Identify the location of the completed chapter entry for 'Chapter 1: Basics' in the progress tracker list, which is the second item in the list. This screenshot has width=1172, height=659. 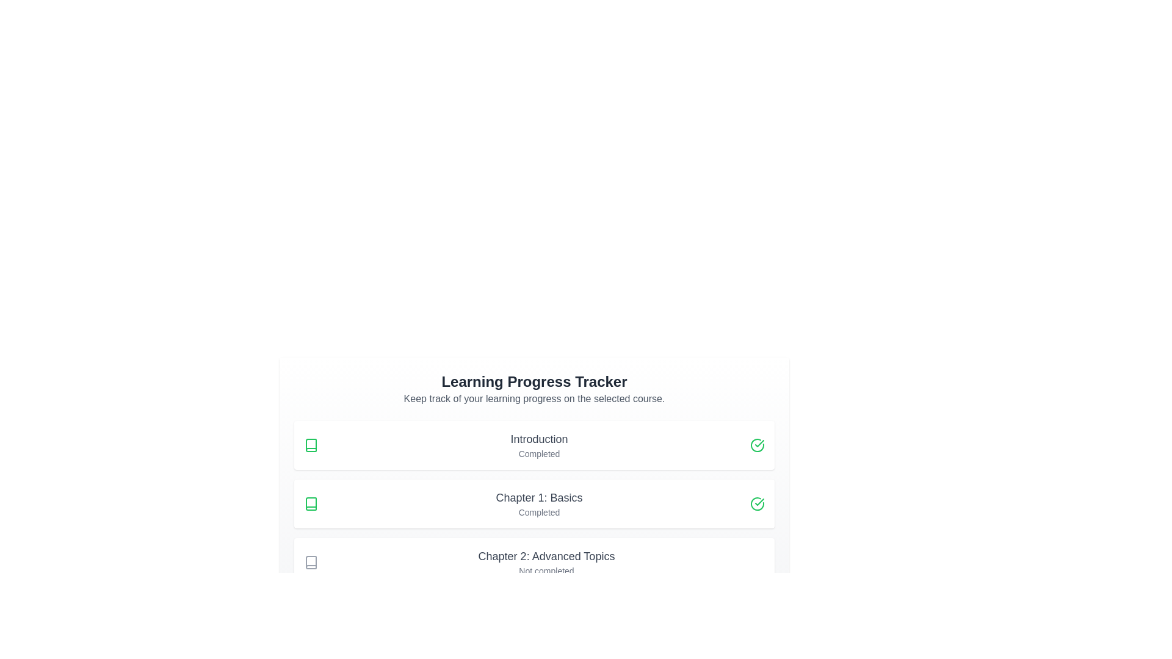
(534, 503).